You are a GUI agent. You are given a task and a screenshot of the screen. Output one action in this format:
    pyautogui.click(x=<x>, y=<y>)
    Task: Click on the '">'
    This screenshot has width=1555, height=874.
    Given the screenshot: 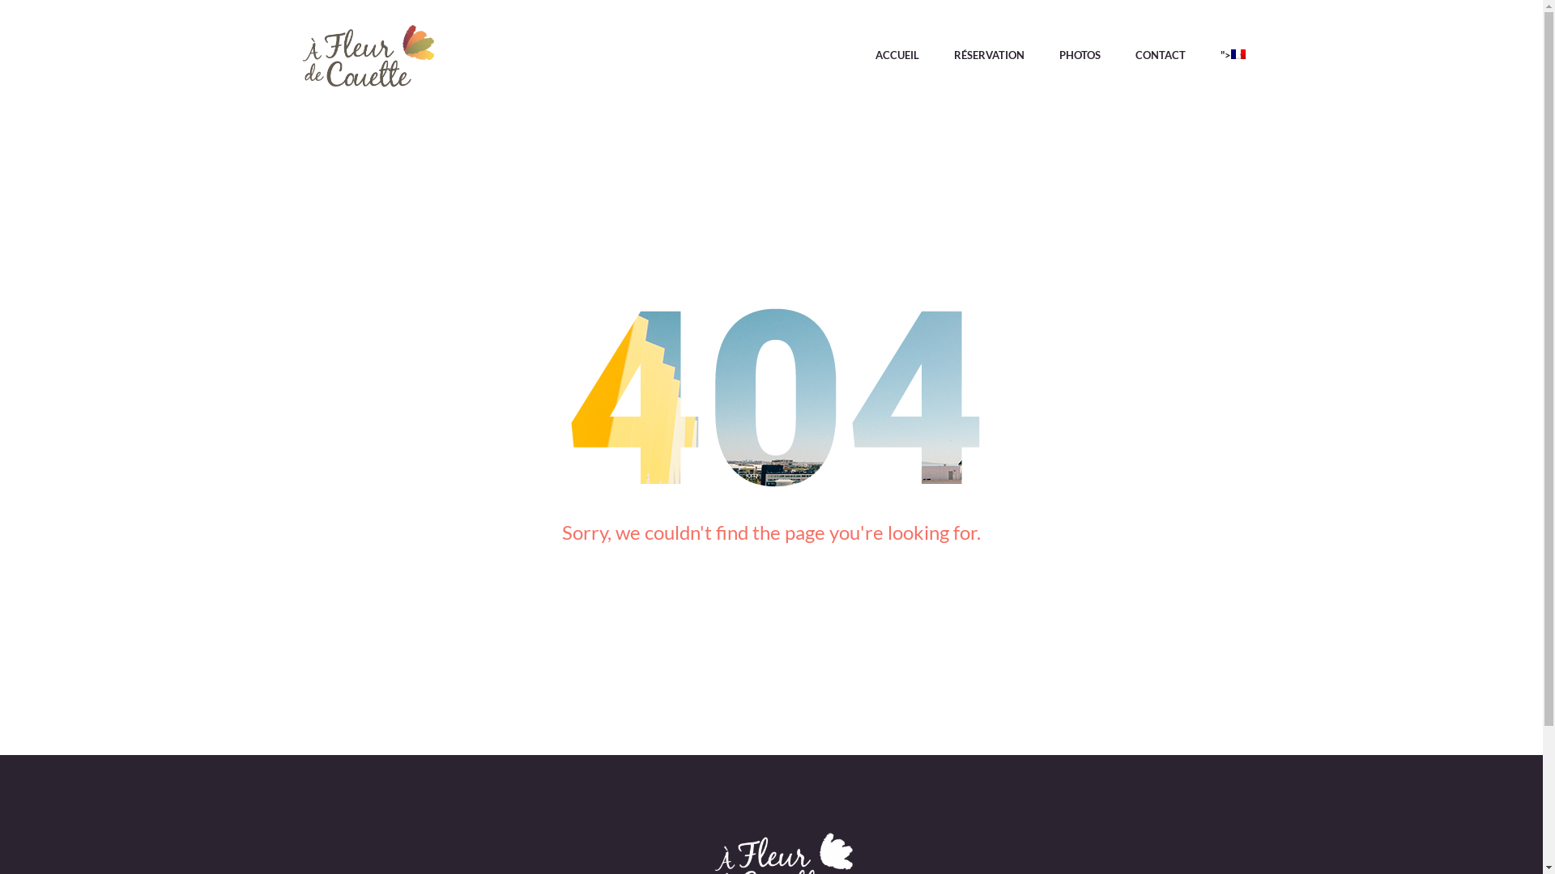 What is the action you would take?
    pyautogui.click(x=1224, y=58)
    